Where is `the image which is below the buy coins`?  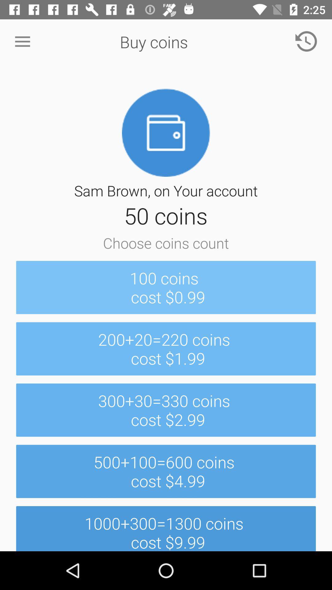
the image which is below the buy coins is located at coordinates (166, 132).